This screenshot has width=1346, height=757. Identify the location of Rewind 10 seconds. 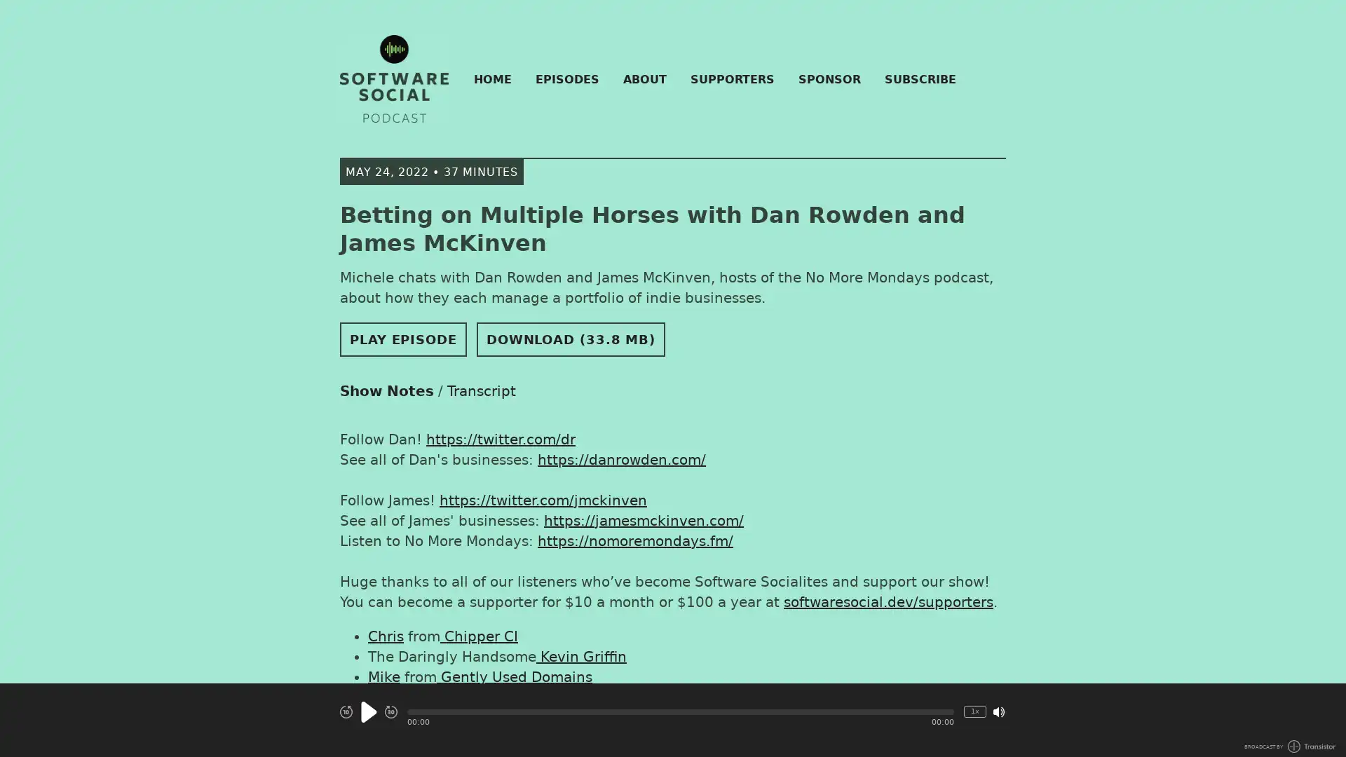
(346, 711).